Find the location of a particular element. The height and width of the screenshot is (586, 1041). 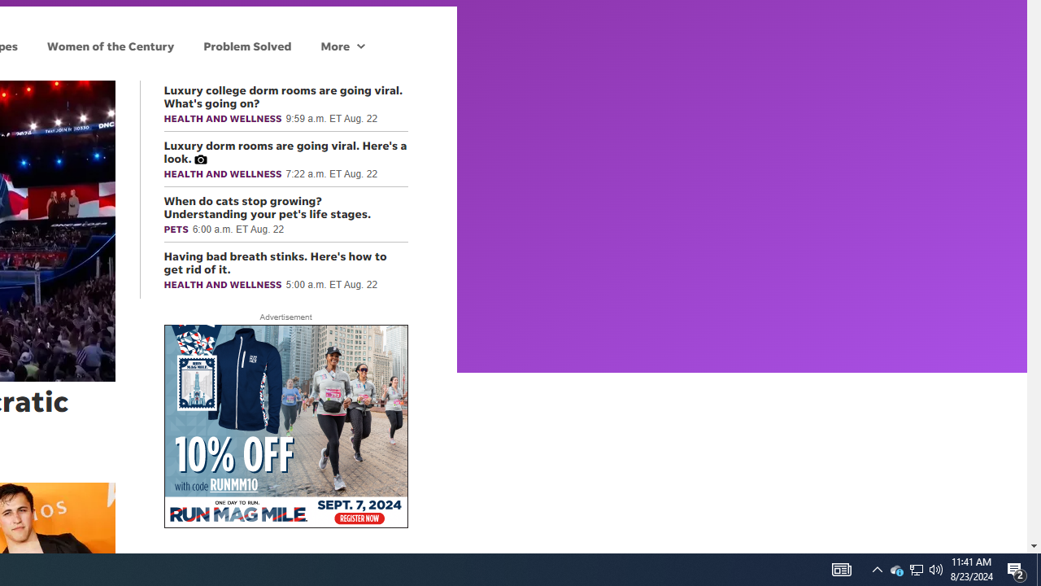

'AutomationID: aw0' is located at coordinates (285, 426).